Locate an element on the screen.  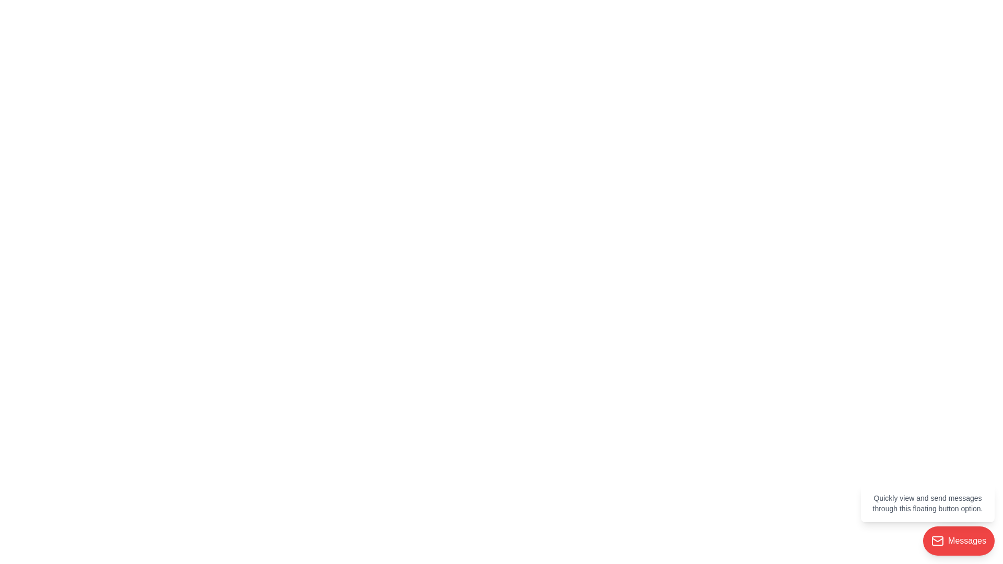
the mail icon located on the left side of the red circular button labeled 'Messages' in the bottom-right corner of the interface is located at coordinates (938, 540).